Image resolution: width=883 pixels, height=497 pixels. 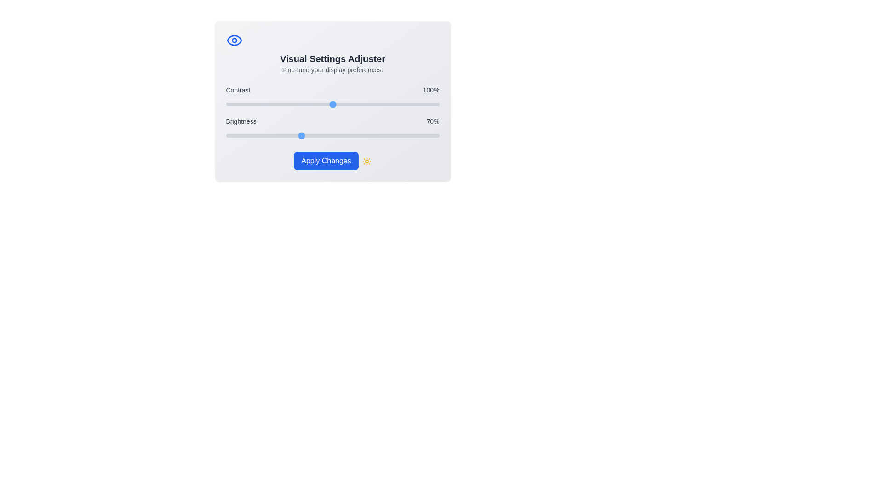 What do you see at coordinates (342, 104) in the screenshot?
I see `the 'Contrast' slider to 109% by dragging the slider to the corresponding position` at bounding box center [342, 104].